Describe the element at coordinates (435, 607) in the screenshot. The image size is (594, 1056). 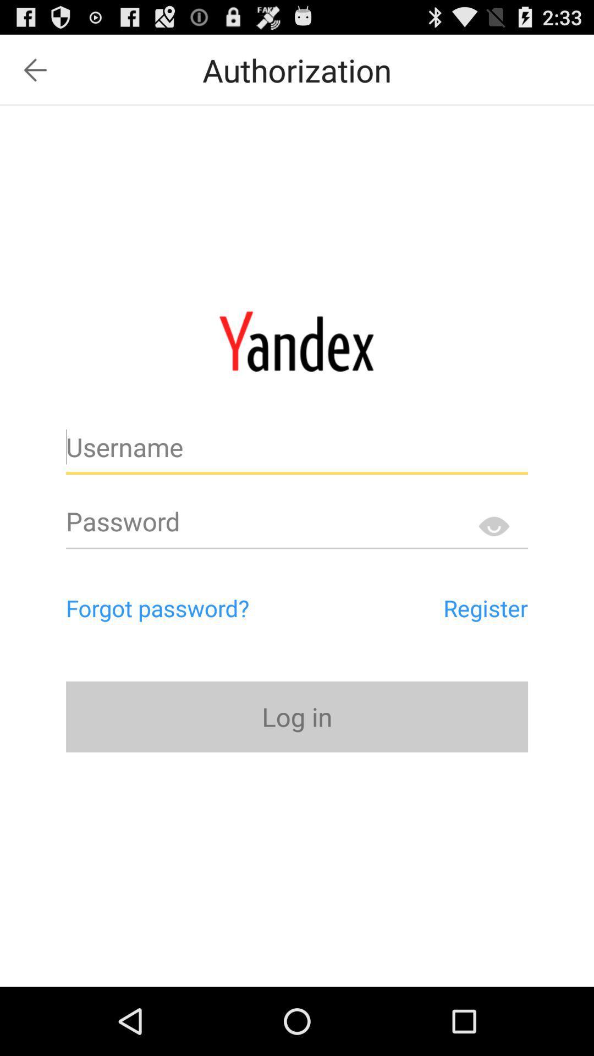
I see `the app next to the forgot password? icon` at that location.